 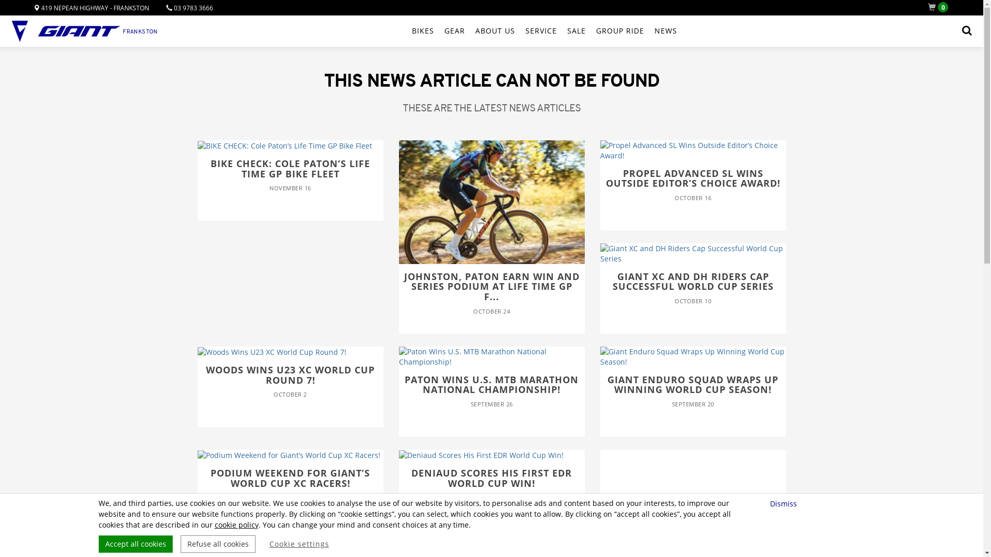 What do you see at coordinates (423, 30) in the screenshot?
I see `'BIKES'` at bounding box center [423, 30].